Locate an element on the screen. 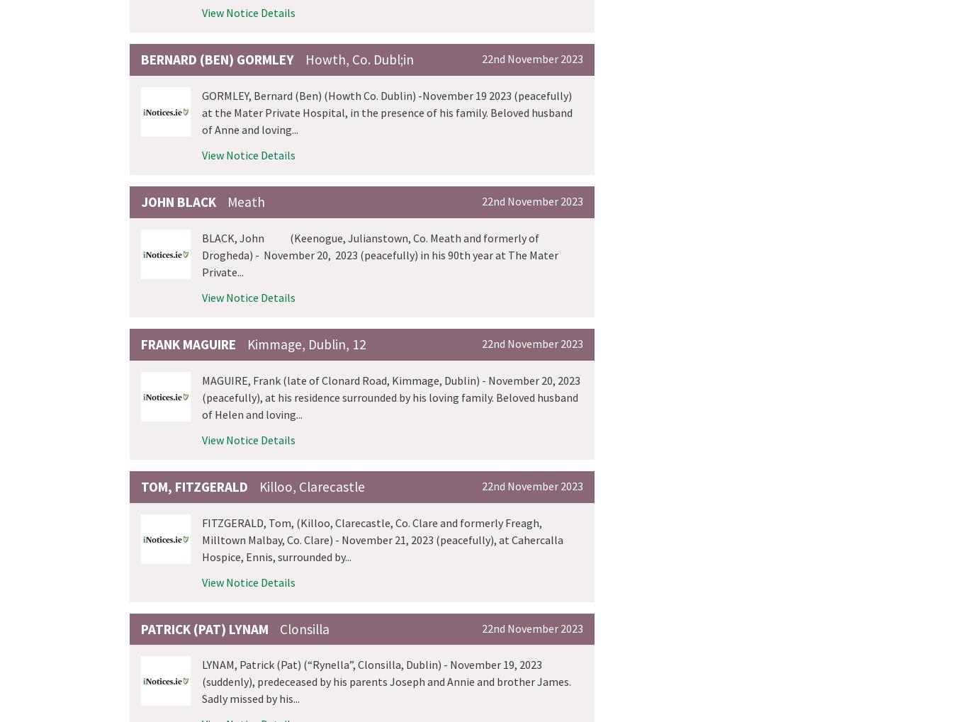 The width and height of the screenshot is (968, 722). 'Bernard (Ben) GORMLEY' is located at coordinates (217, 59).